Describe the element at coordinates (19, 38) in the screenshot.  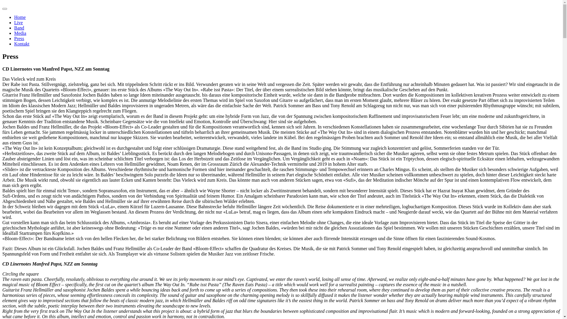
I see `'Press'` at that location.